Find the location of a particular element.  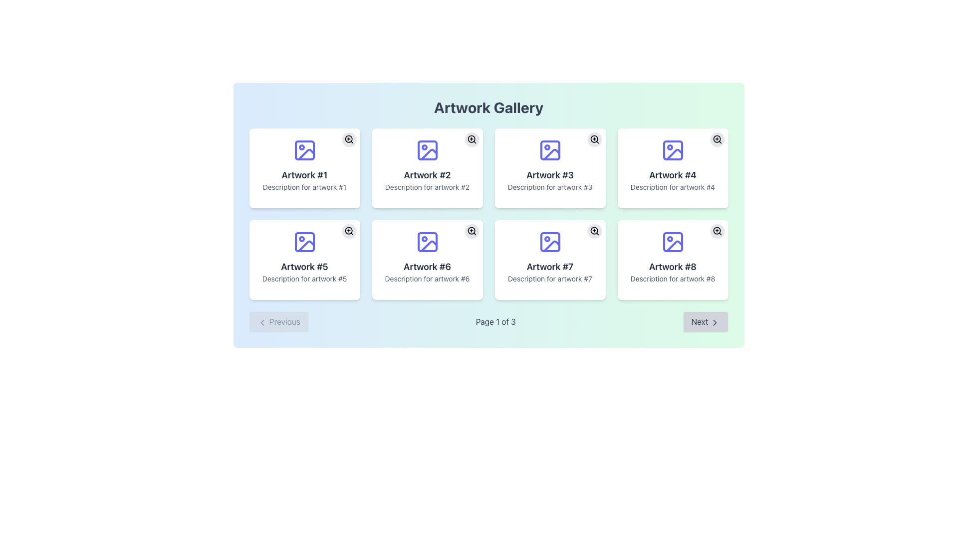

the magnifying glass icon button with a plus sign located in the top-right corner of the card labeled 'Artwork #2' is located at coordinates (471, 139).